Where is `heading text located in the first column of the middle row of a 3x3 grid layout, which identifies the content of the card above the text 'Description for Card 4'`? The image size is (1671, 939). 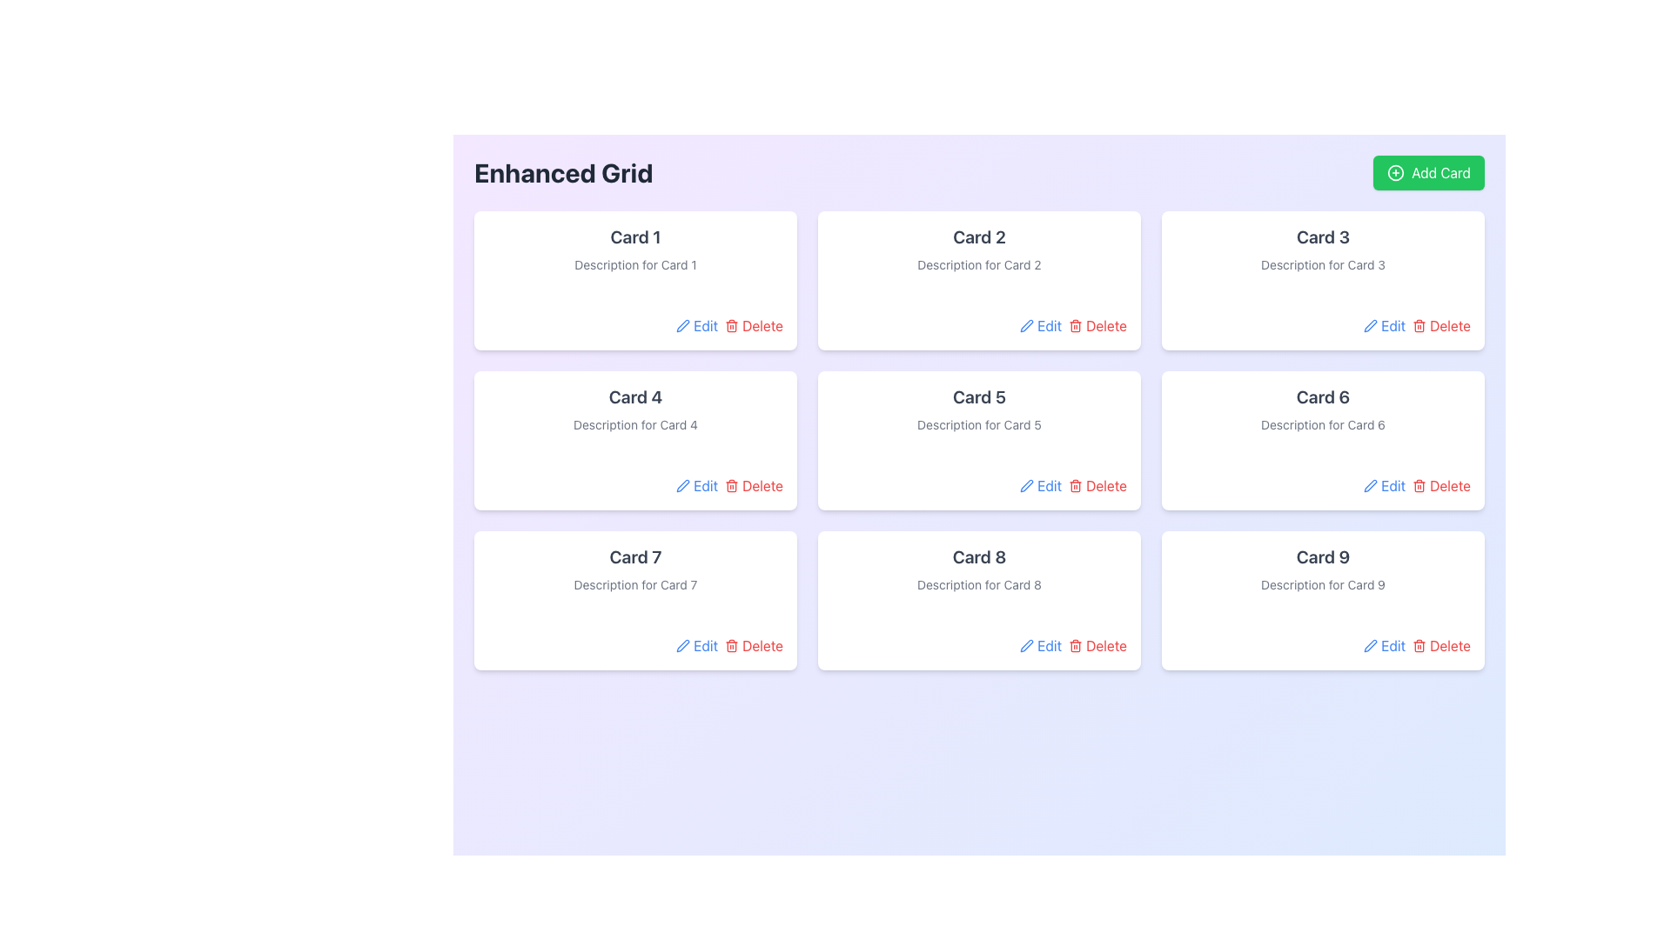 heading text located in the first column of the middle row of a 3x3 grid layout, which identifies the content of the card above the text 'Description for Card 4' is located at coordinates (634, 396).